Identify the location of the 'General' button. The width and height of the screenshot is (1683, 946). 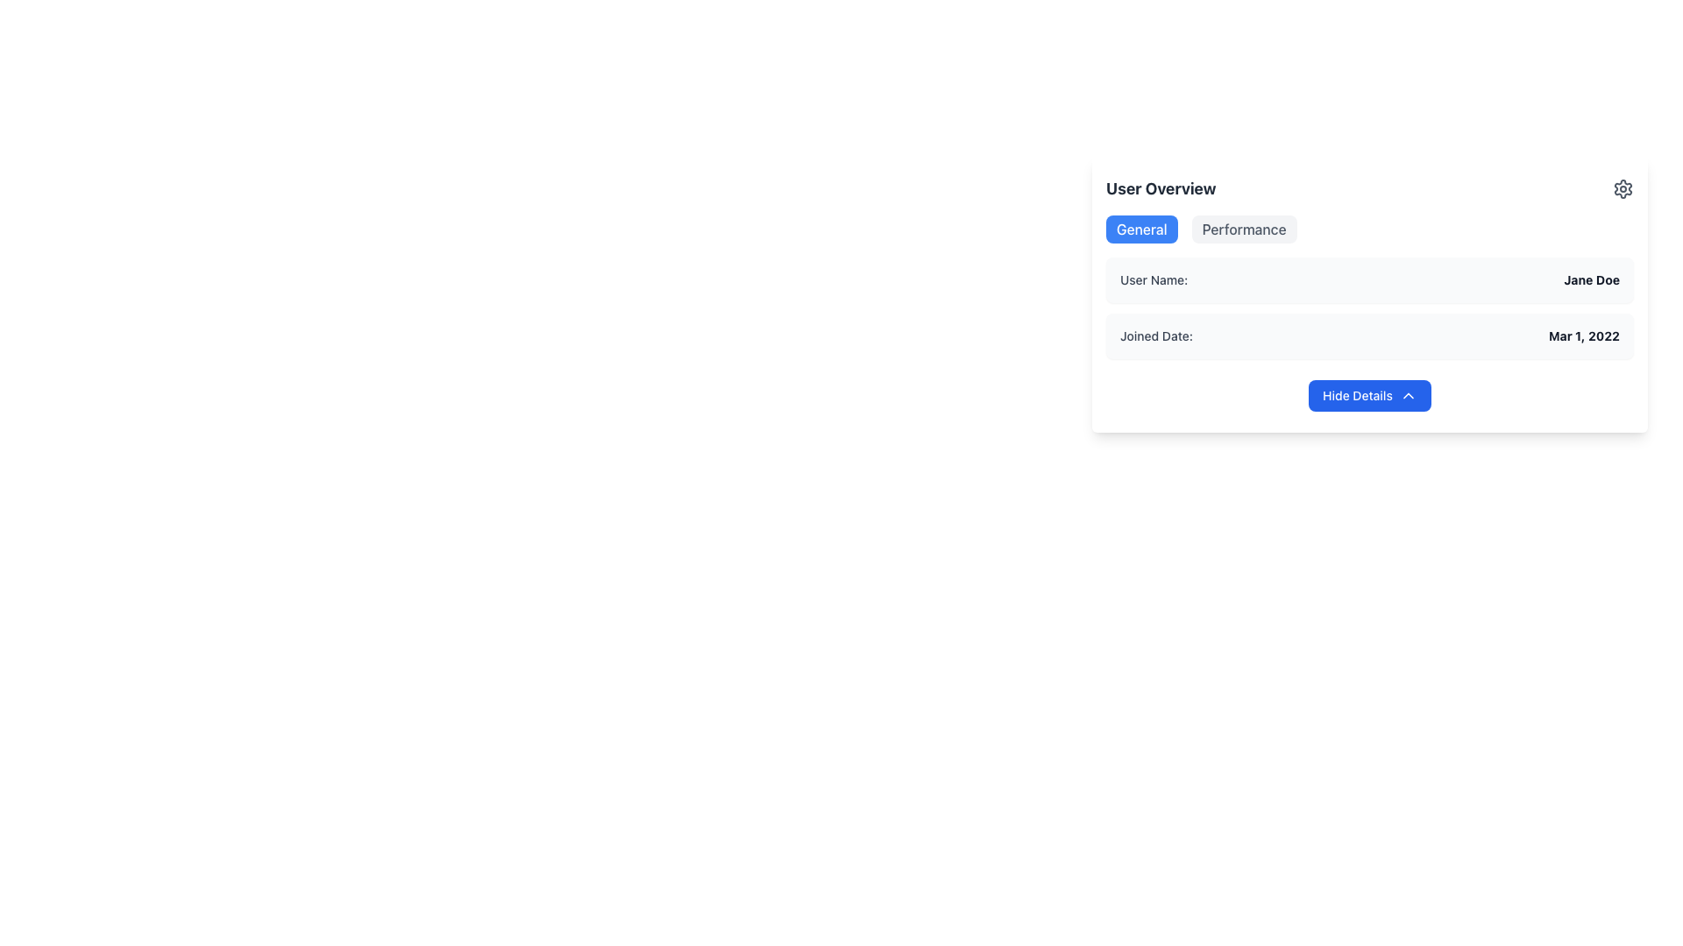
(1141, 229).